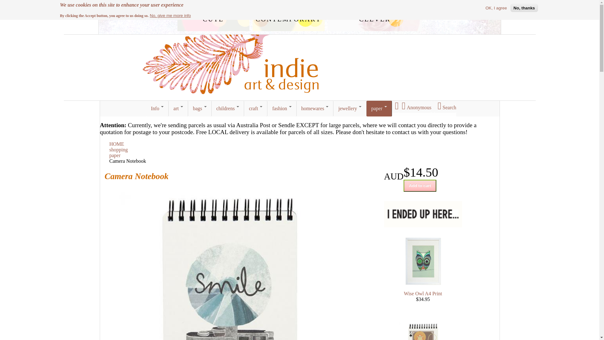 The width and height of the screenshot is (604, 340). I want to click on 'Search', so click(445, 106).